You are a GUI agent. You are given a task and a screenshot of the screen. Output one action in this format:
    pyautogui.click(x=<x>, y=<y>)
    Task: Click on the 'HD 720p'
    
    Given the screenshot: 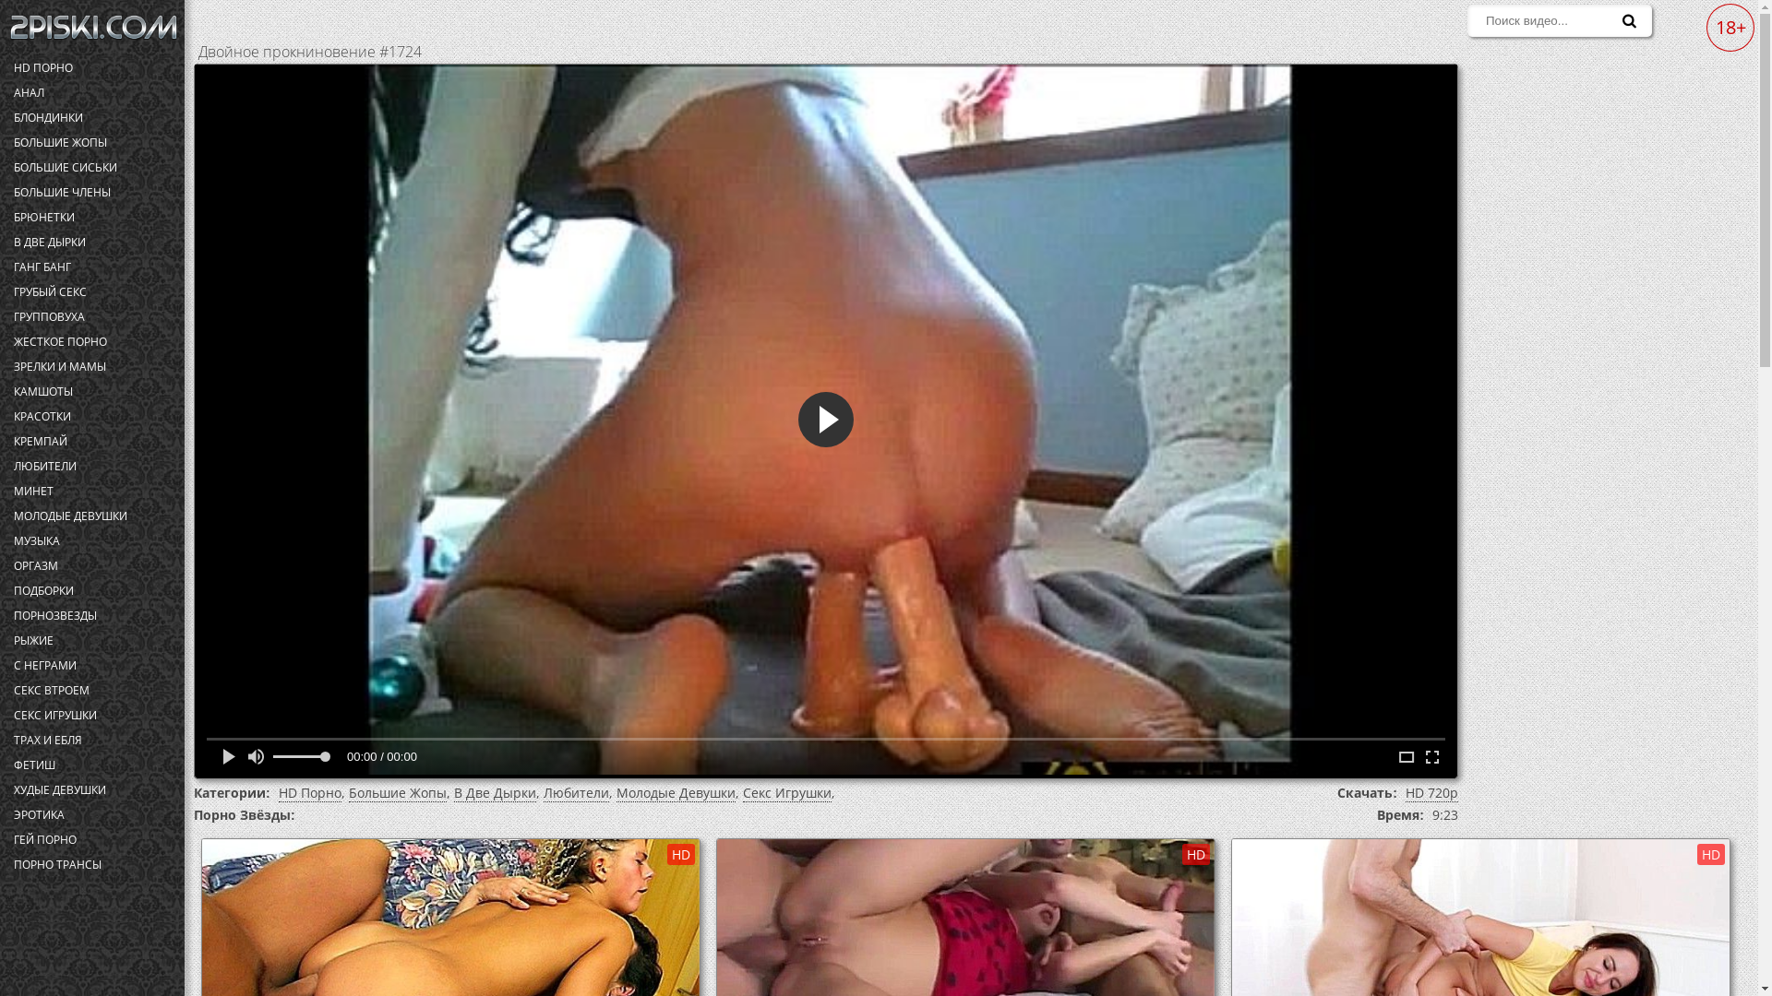 What is the action you would take?
    pyautogui.click(x=1404, y=792)
    